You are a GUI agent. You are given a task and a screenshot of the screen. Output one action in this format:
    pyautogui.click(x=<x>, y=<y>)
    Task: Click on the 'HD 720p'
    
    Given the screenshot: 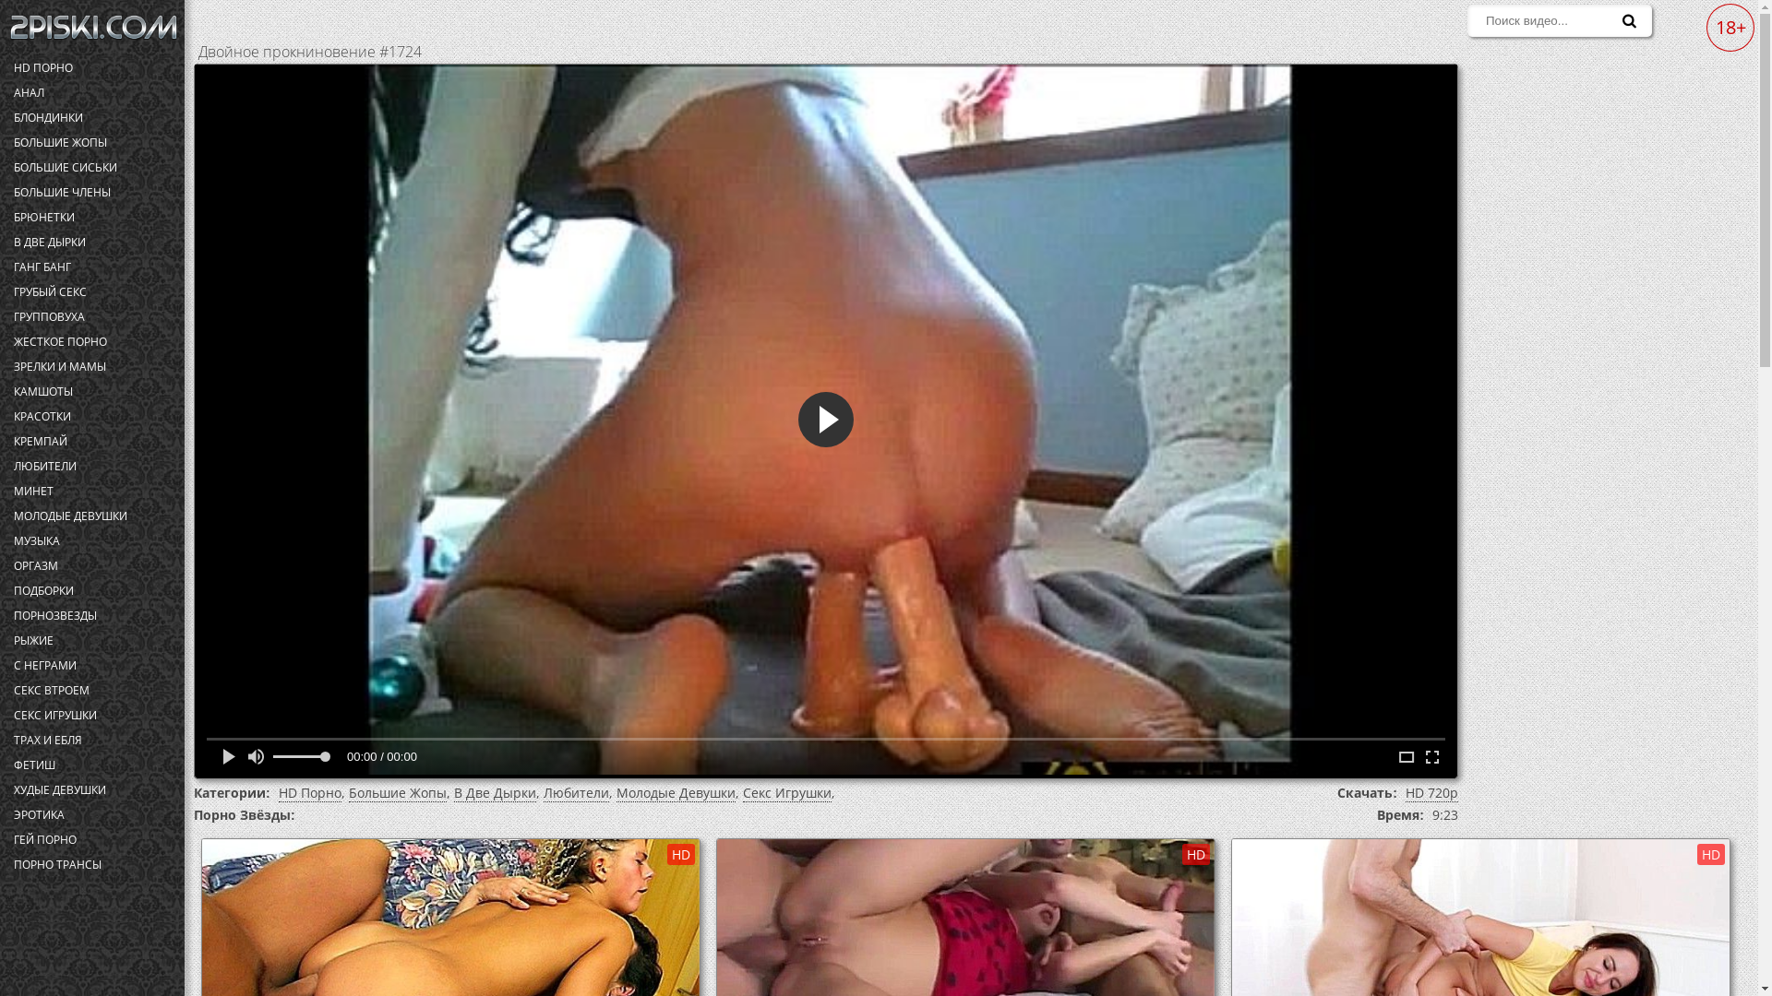 What is the action you would take?
    pyautogui.click(x=1404, y=792)
    